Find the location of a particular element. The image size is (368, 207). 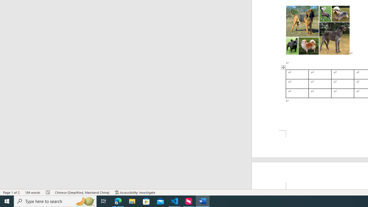

'Page Number Page 1 of 2' is located at coordinates (11, 192).